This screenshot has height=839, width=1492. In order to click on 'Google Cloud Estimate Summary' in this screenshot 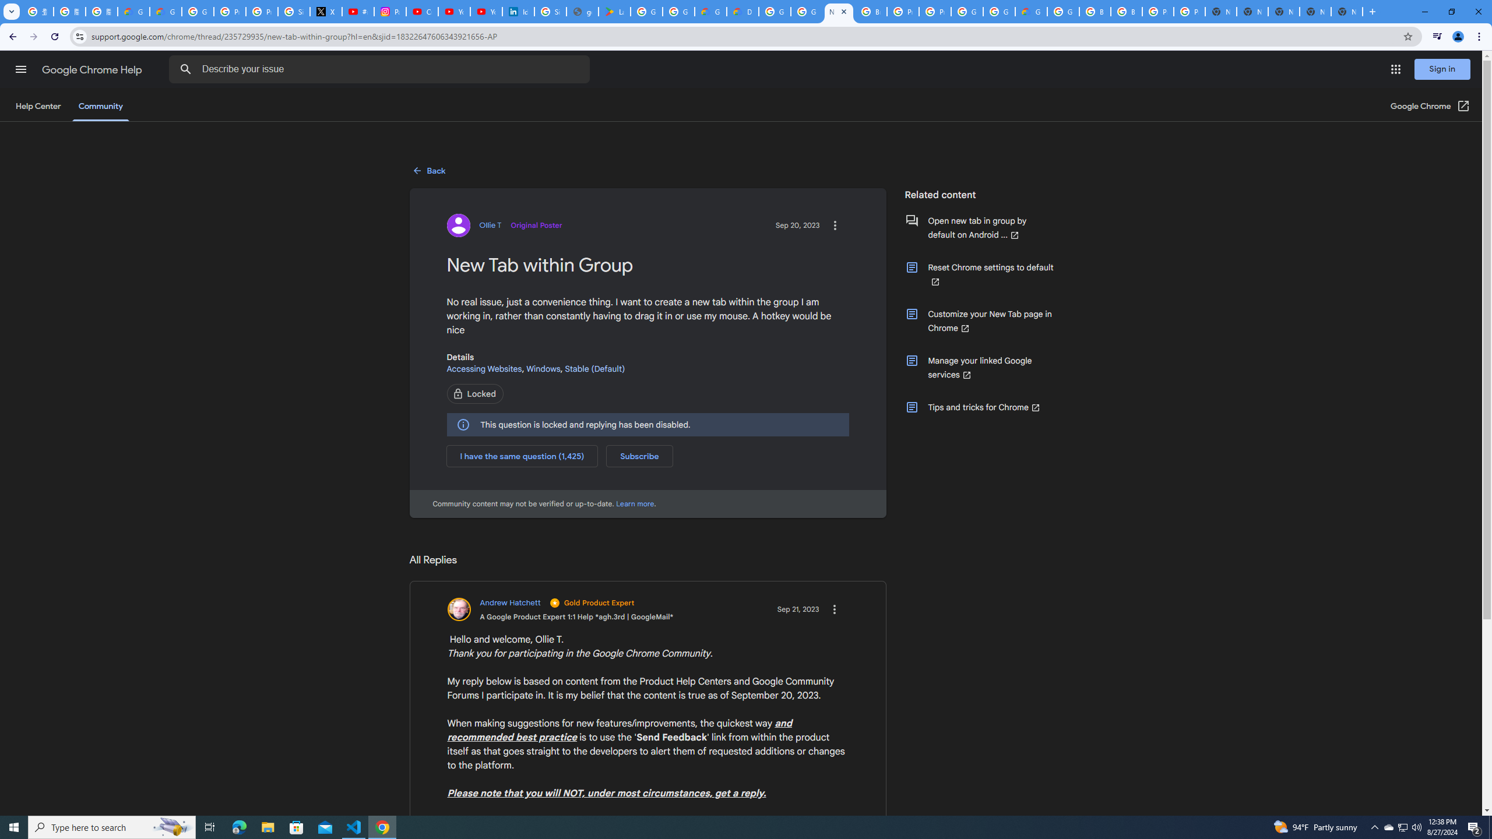, I will do `click(1030, 11)`.